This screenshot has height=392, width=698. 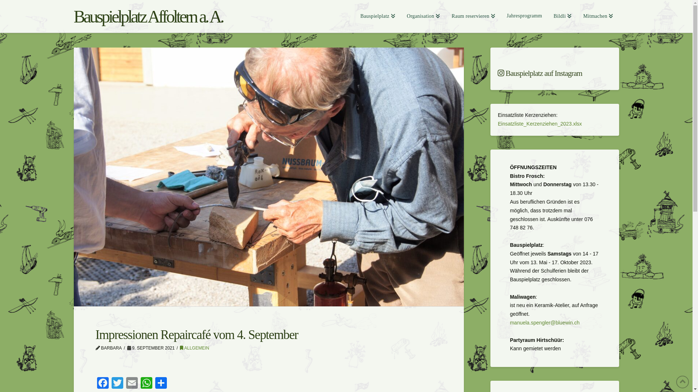 I want to click on 'Bauspielplatz auf Instagram', so click(x=554, y=73).